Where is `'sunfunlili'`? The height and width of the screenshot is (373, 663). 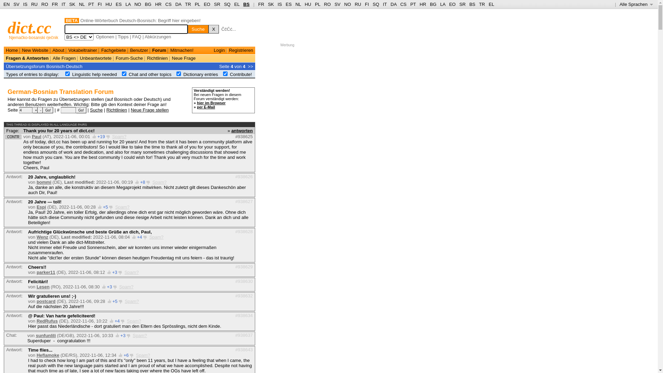 'sunfunlili' is located at coordinates (46, 335).